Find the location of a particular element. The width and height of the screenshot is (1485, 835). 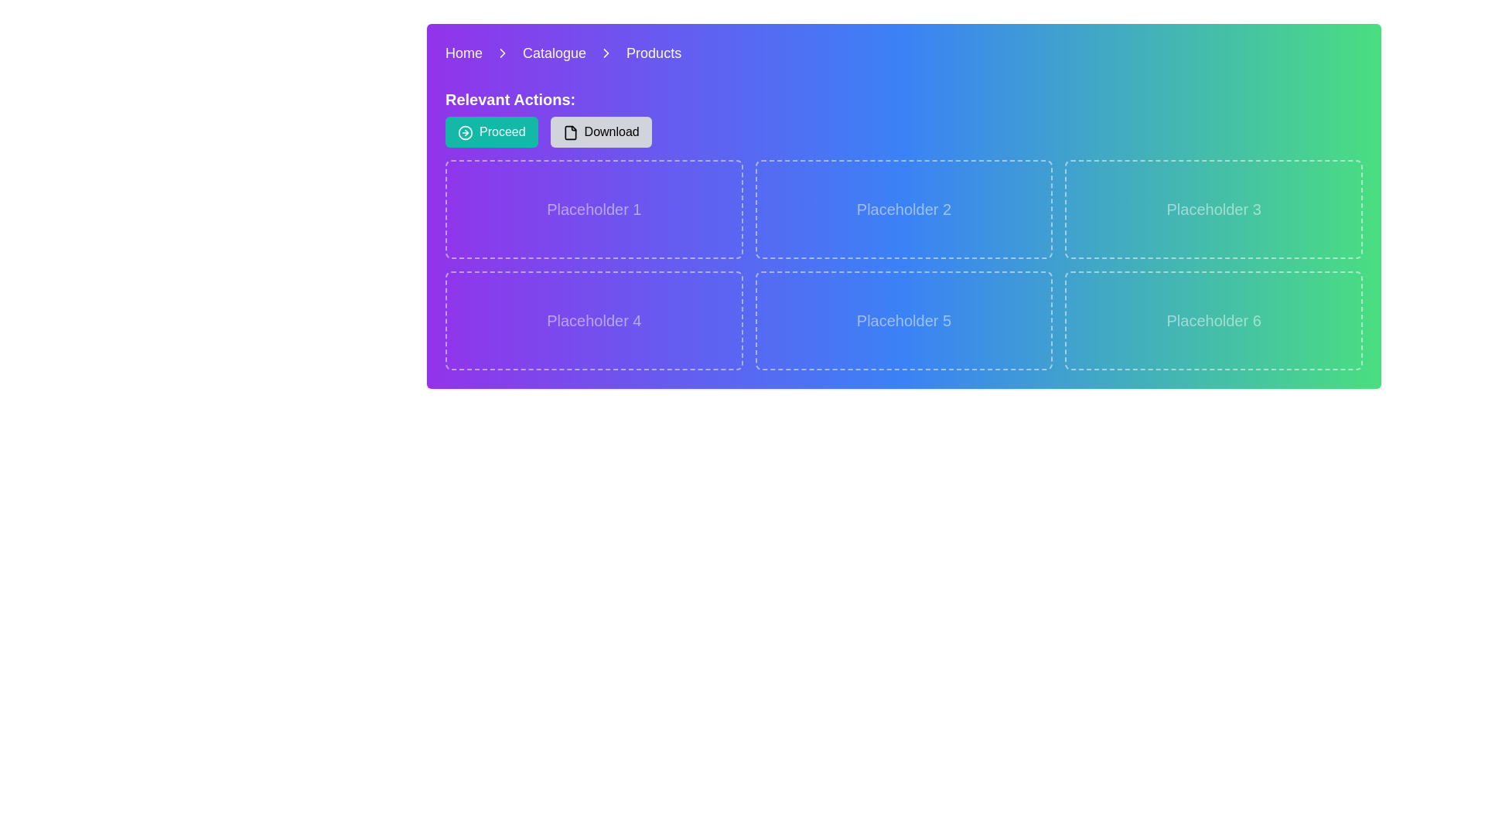

the 'Proceed' button located in the Action Button Group beneath the section header 'Relevant Actions:' is located at coordinates (548, 131).